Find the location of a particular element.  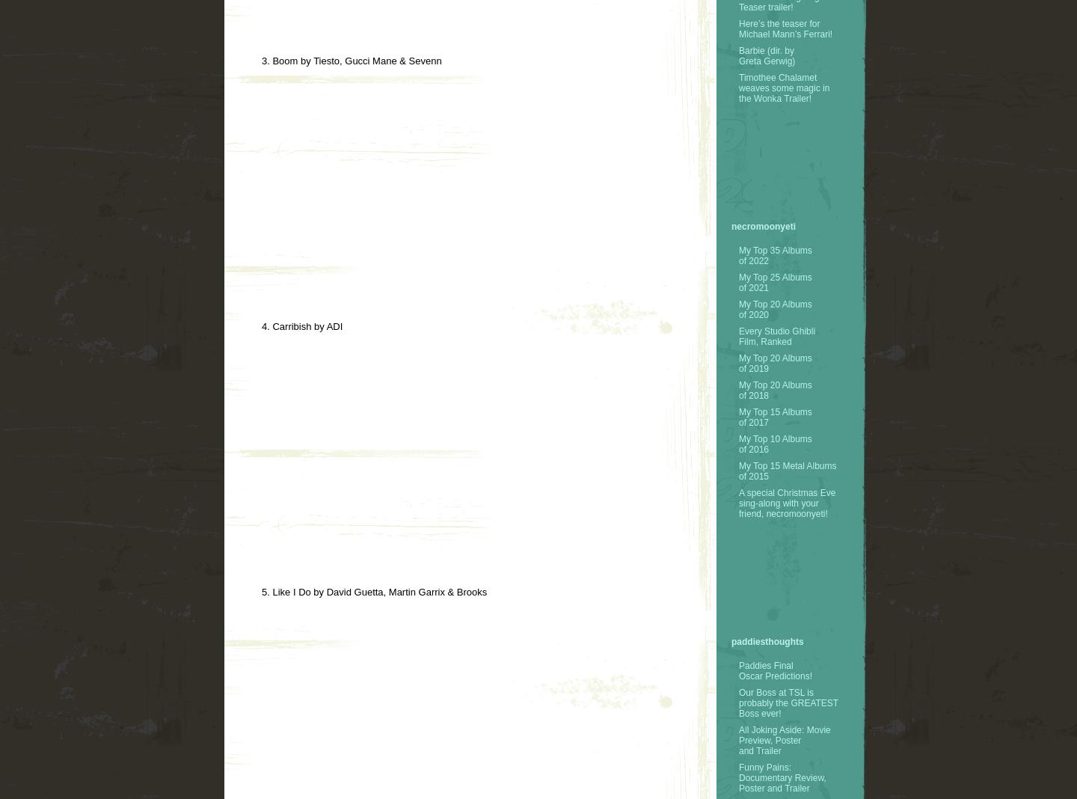

'Timothee Chalamet weaves some magic in the Wonka Trailer!' is located at coordinates (784, 87).